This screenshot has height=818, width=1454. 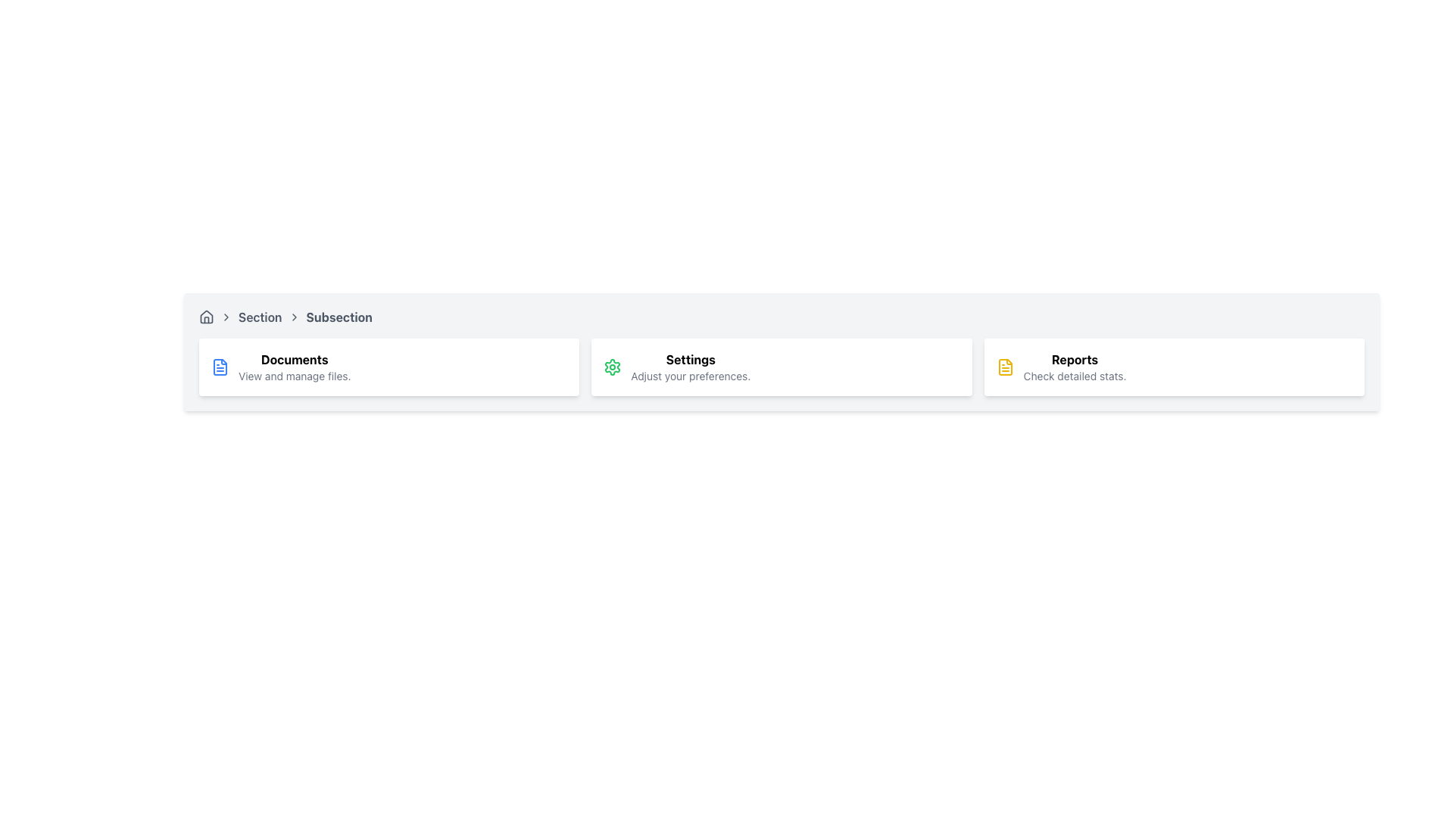 What do you see at coordinates (690, 359) in the screenshot?
I see `text from the 'Settings' title Text Label, which is centrally positioned above the descriptive text in a card-styled layout` at bounding box center [690, 359].